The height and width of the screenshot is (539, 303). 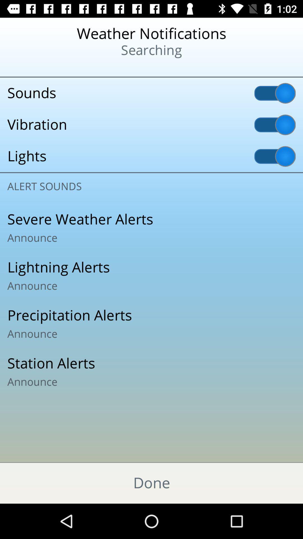 What do you see at coordinates (37, 67) in the screenshot?
I see `the item next to searching item` at bounding box center [37, 67].